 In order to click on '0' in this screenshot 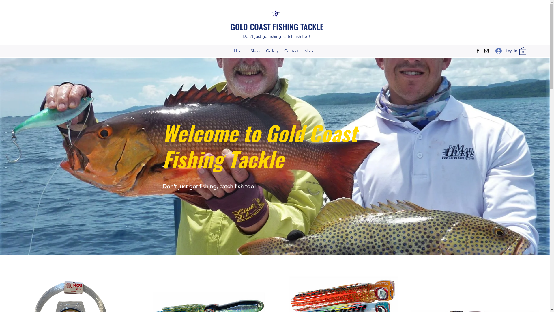, I will do `click(523, 50)`.